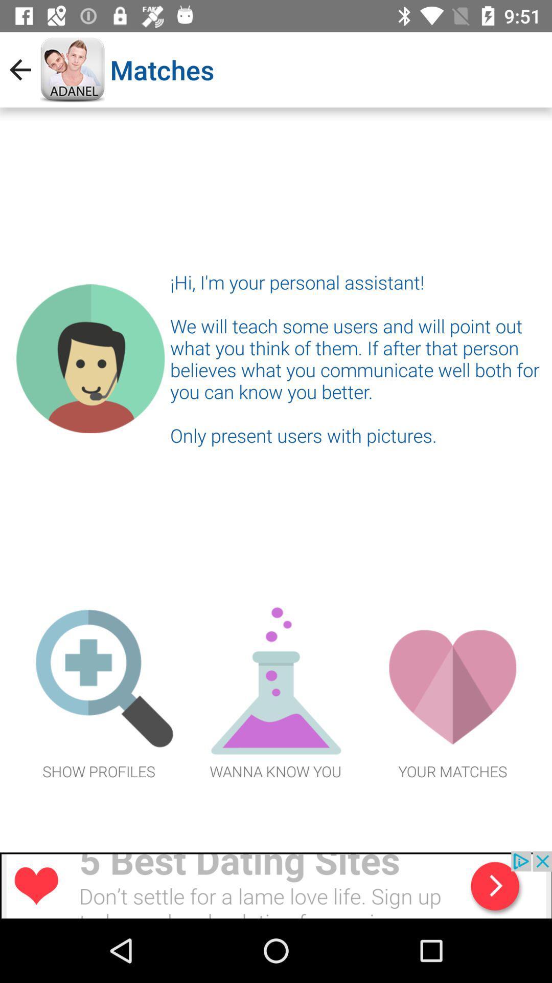 This screenshot has height=983, width=552. What do you see at coordinates (276, 884) in the screenshot?
I see `follow advertisement banner` at bounding box center [276, 884].